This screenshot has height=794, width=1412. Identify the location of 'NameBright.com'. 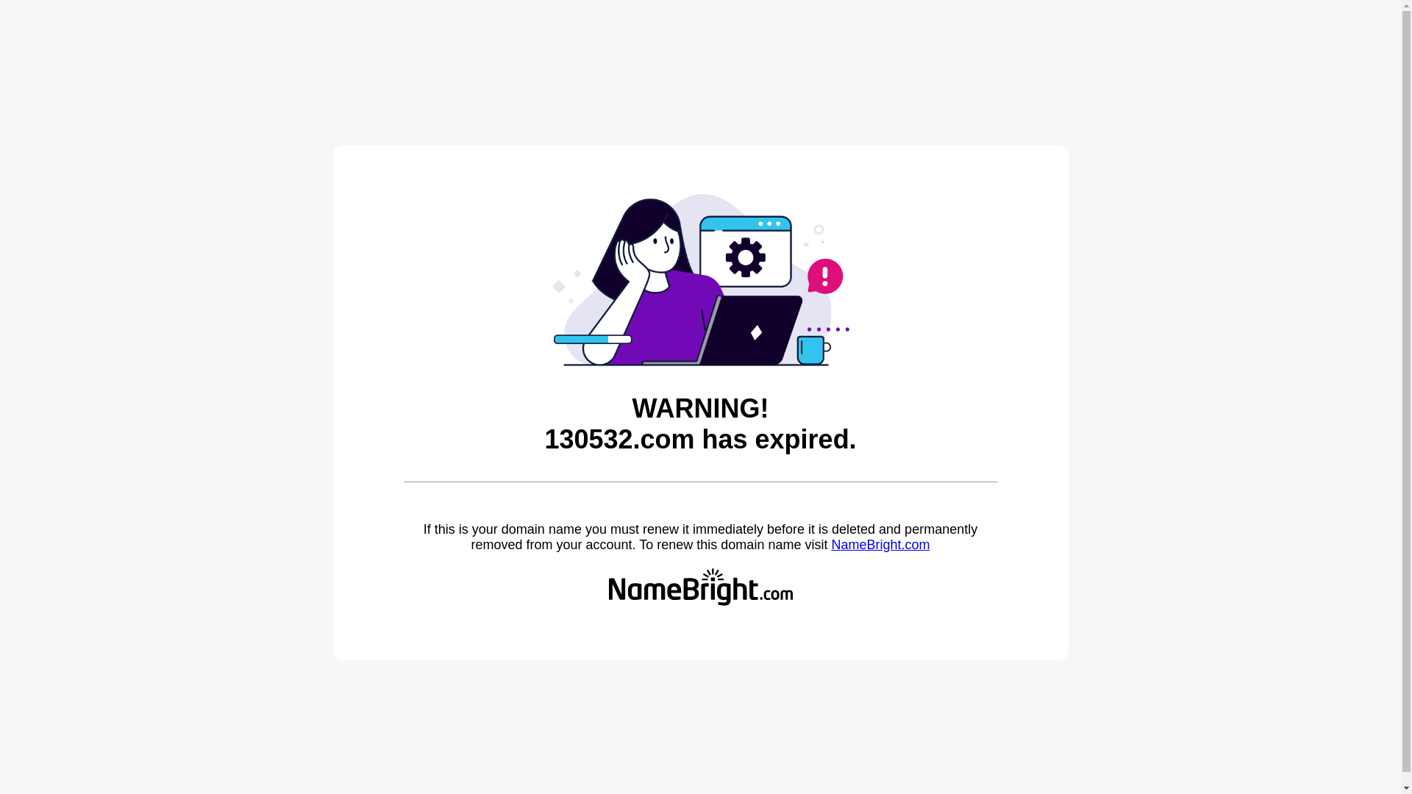
(880, 544).